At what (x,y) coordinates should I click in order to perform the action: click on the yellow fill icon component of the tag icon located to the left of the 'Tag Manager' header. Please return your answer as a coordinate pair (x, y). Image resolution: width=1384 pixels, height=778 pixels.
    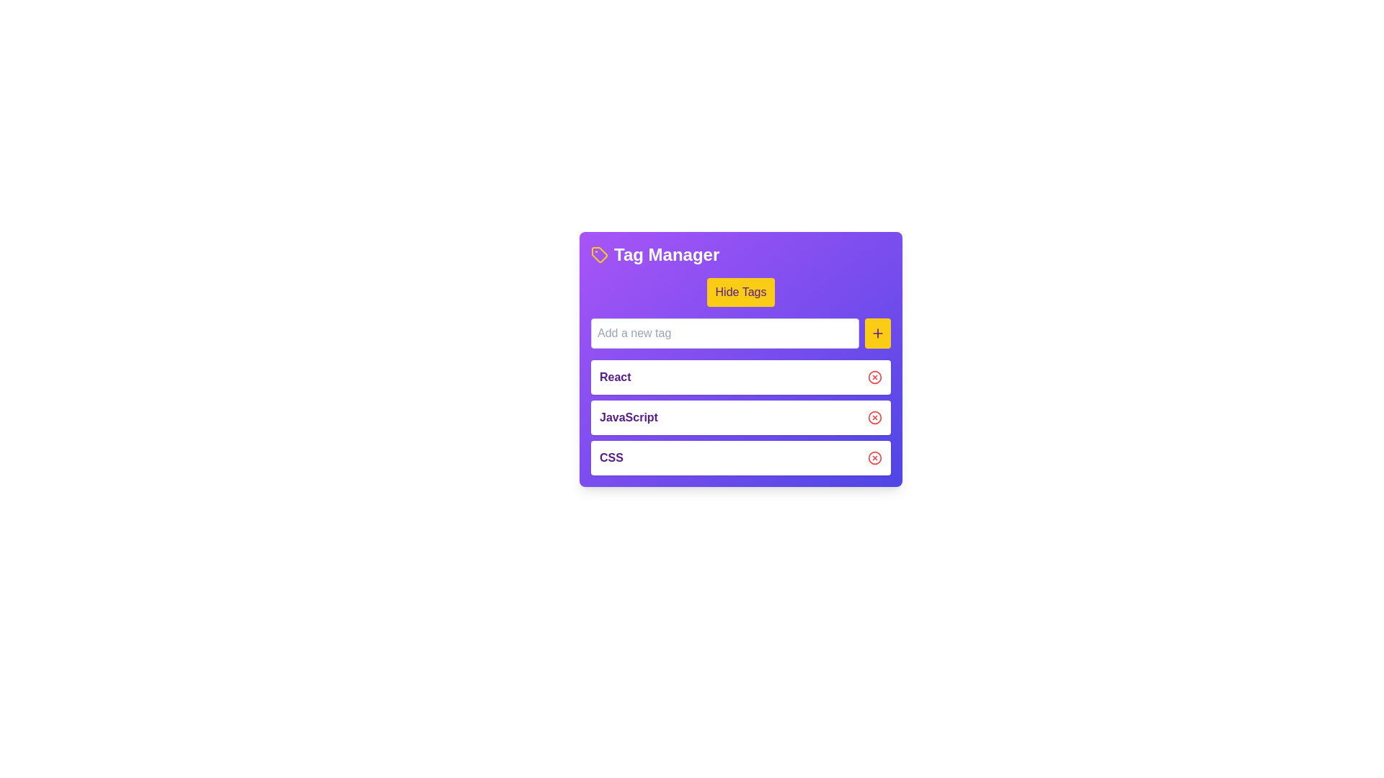
    Looking at the image, I should click on (599, 254).